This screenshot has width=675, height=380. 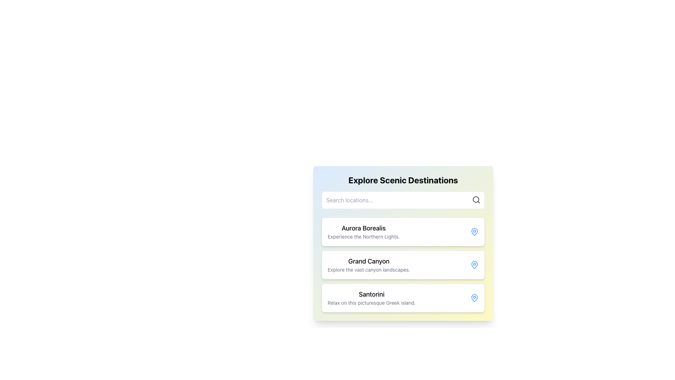 What do you see at coordinates (364, 236) in the screenshot?
I see `the text element that displays 'Experience the Northern Lights', which is styled in small gray font and located beneath the bold headline 'Aurora Borealis'` at bounding box center [364, 236].